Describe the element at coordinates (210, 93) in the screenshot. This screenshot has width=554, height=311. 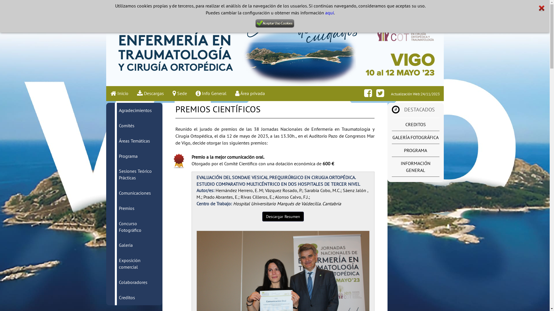
I see `'Info General'` at that location.